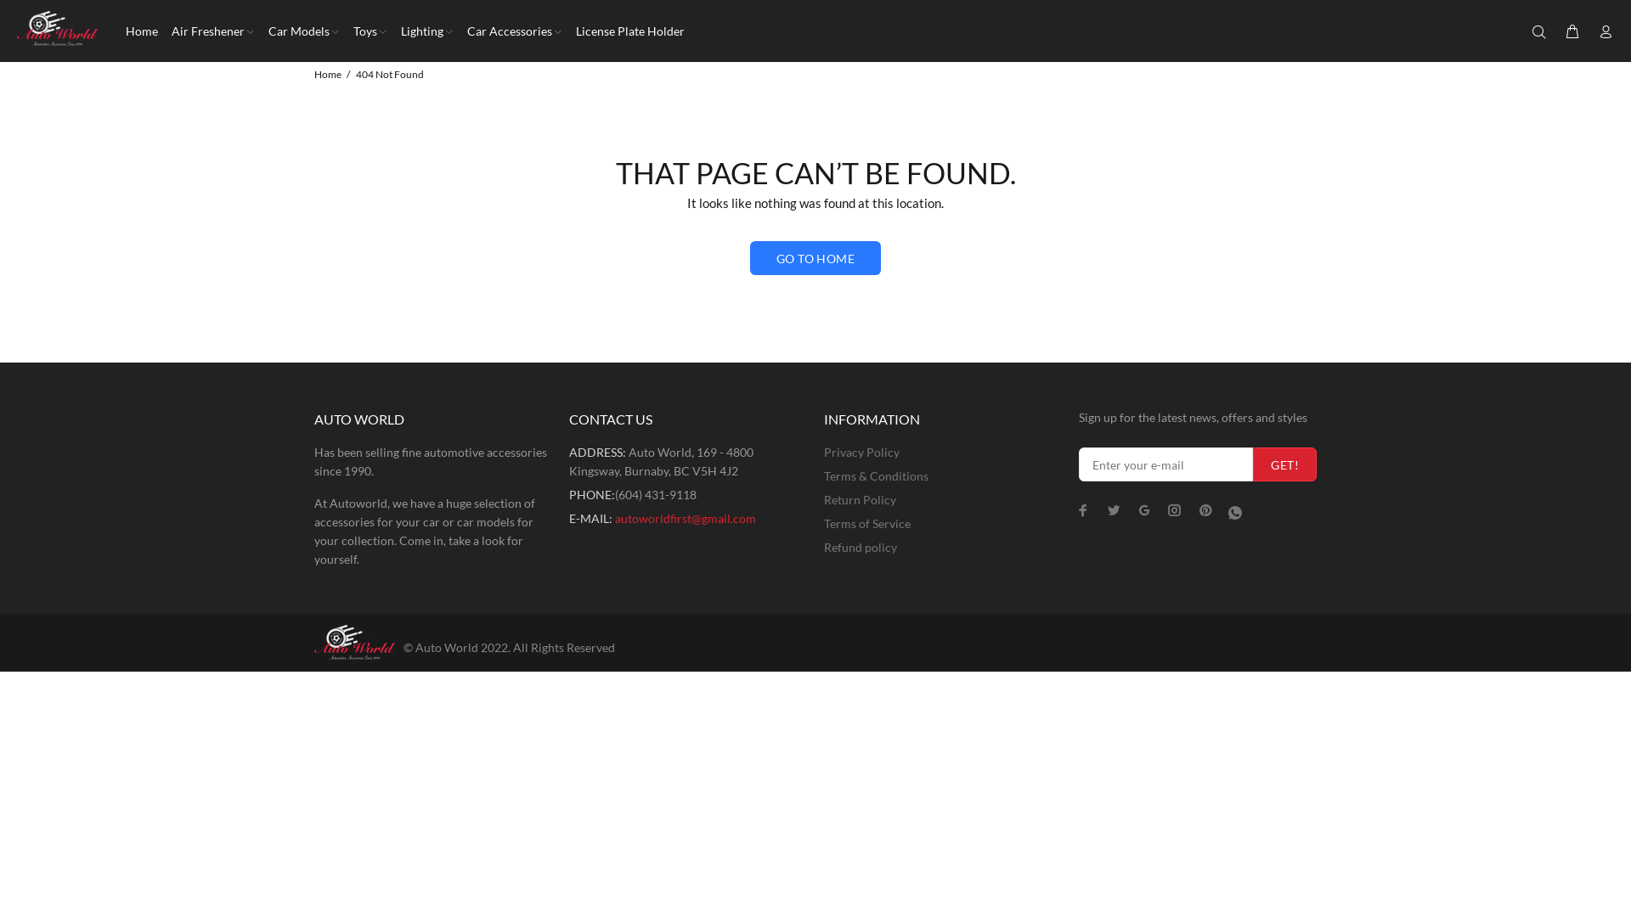  What do you see at coordinates (867, 523) in the screenshot?
I see `'Terms of Service'` at bounding box center [867, 523].